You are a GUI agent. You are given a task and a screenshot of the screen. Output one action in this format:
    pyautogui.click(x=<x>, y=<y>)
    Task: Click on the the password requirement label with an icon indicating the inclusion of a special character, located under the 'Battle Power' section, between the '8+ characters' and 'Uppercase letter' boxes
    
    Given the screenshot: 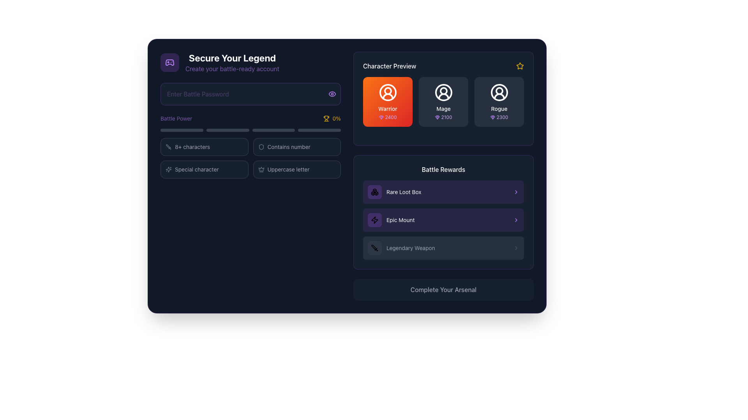 What is the action you would take?
    pyautogui.click(x=204, y=169)
    